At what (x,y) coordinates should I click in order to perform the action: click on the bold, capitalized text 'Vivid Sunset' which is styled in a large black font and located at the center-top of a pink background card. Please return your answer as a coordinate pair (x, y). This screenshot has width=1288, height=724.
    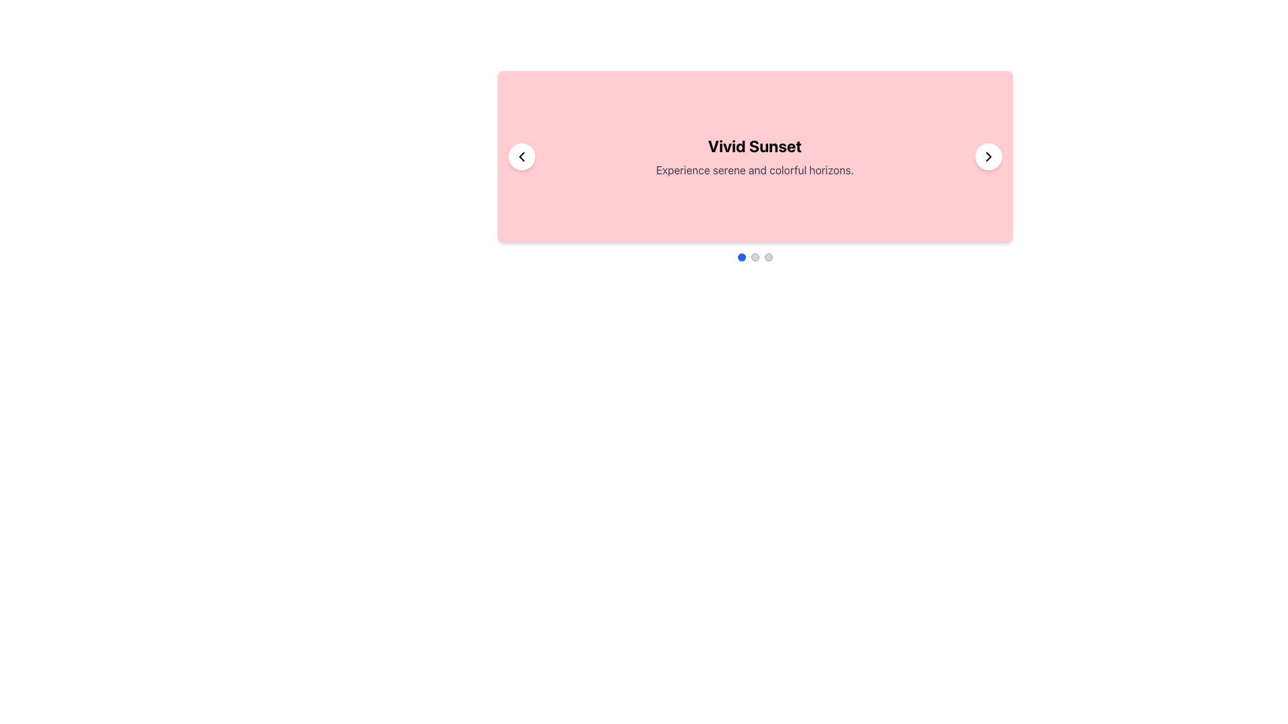
    Looking at the image, I should click on (755, 146).